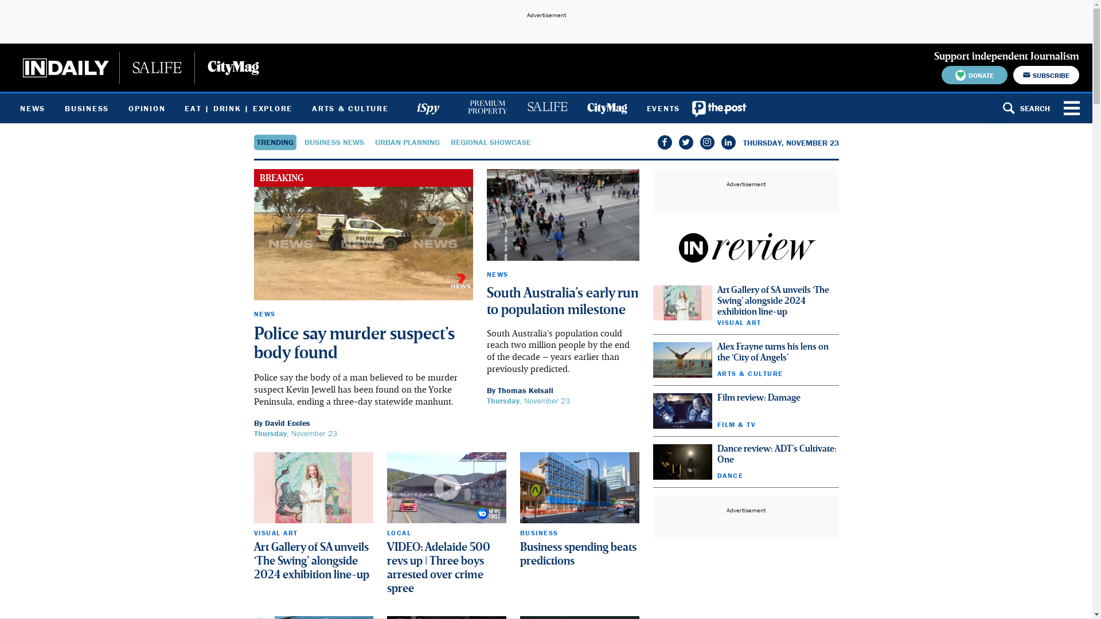 The height and width of the screenshot is (619, 1101). Describe the element at coordinates (252, 532) in the screenshot. I see `'VISUAL ART'` at that location.